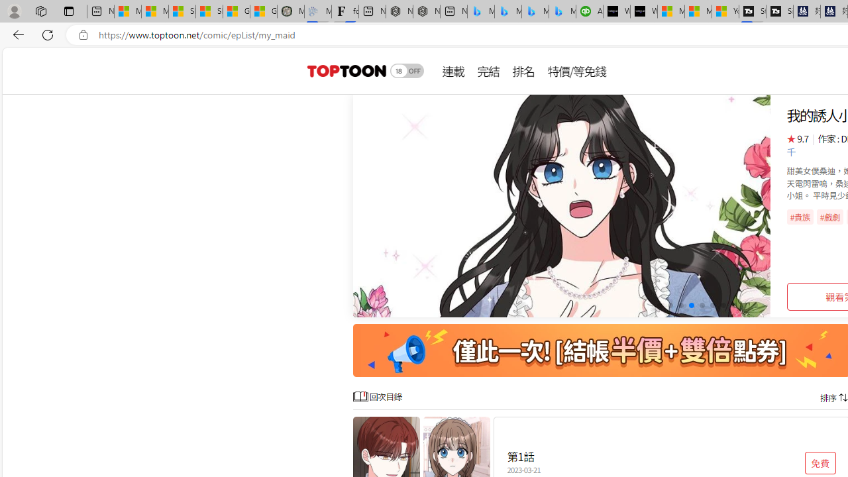 The height and width of the screenshot is (477, 848). I want to click on 'What', so click(644, 11).